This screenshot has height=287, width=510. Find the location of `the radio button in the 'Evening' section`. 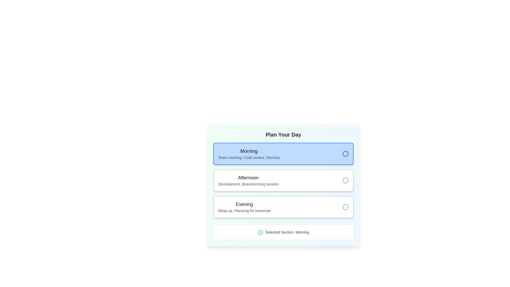

the radio button in the 'Evening' section is located at coordinates (345, 207).